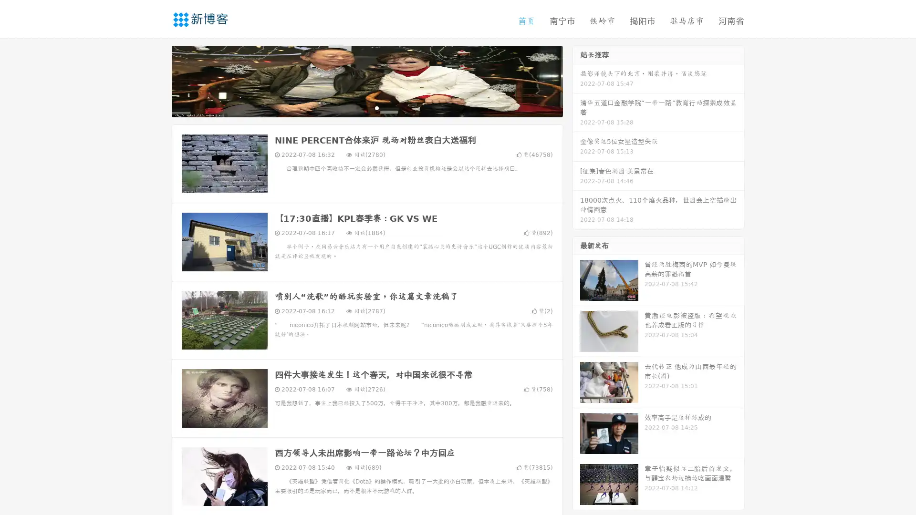 This screenshot has height=515, width=916. I want to click on Go to slide 2, so click(366, 107).